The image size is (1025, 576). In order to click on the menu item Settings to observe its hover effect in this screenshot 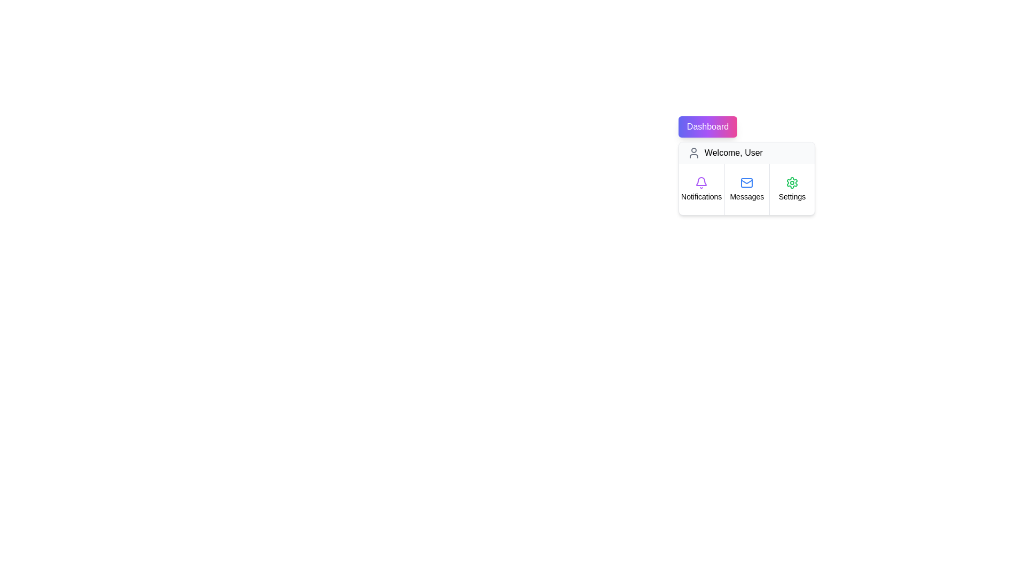, I will do `click(792, 188)`.